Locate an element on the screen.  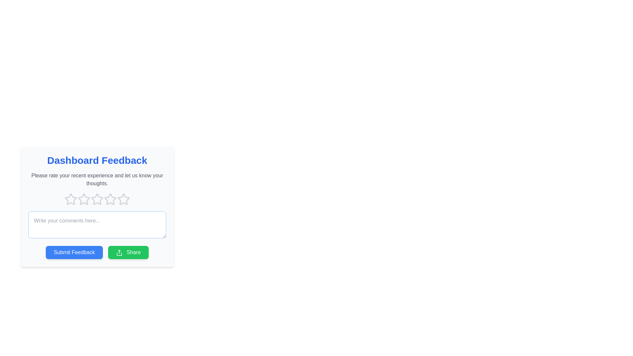
the five-star rating component located below the feedback prompt is located at coordinates (97, 206).